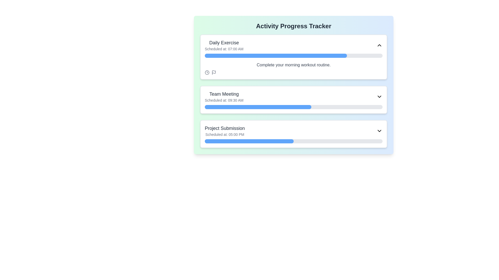 This screenshot has height=280, width=499. I want to click on the text label displaying 'Scheduled at: 05:00 PM' located beneath the title 'Project Submission' in the list card, so click(225, 134).